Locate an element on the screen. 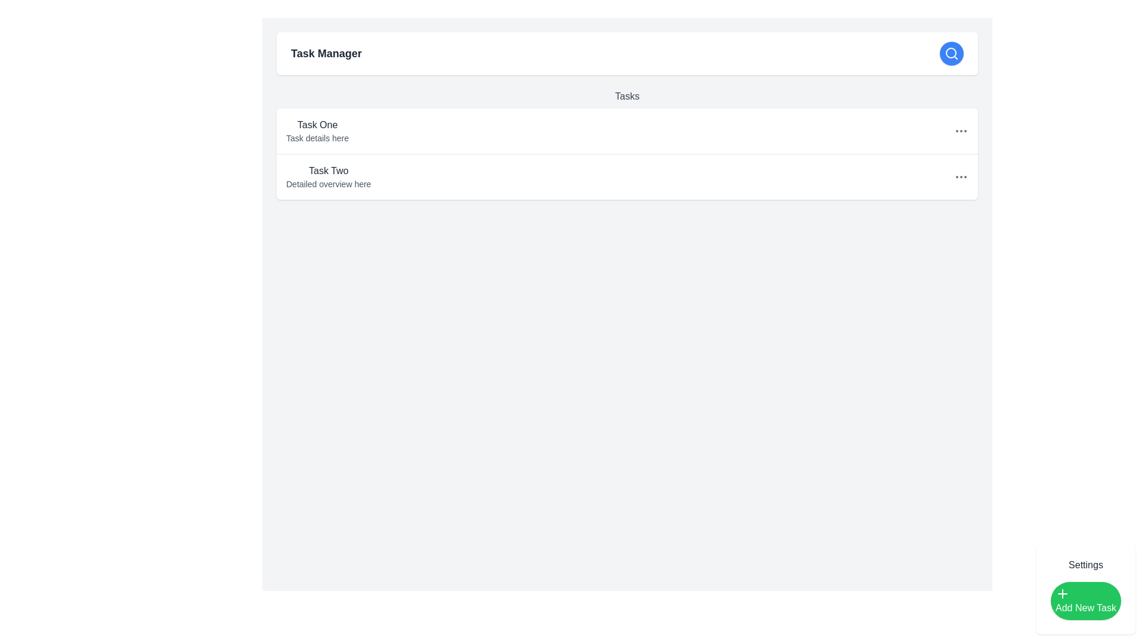 This screenshot has width=1145, height=644. the 'Tasks' text label element, which is styled in gray and positioned below the 'Task Manager' header and above the task listings is located at coordinates (626, 96).